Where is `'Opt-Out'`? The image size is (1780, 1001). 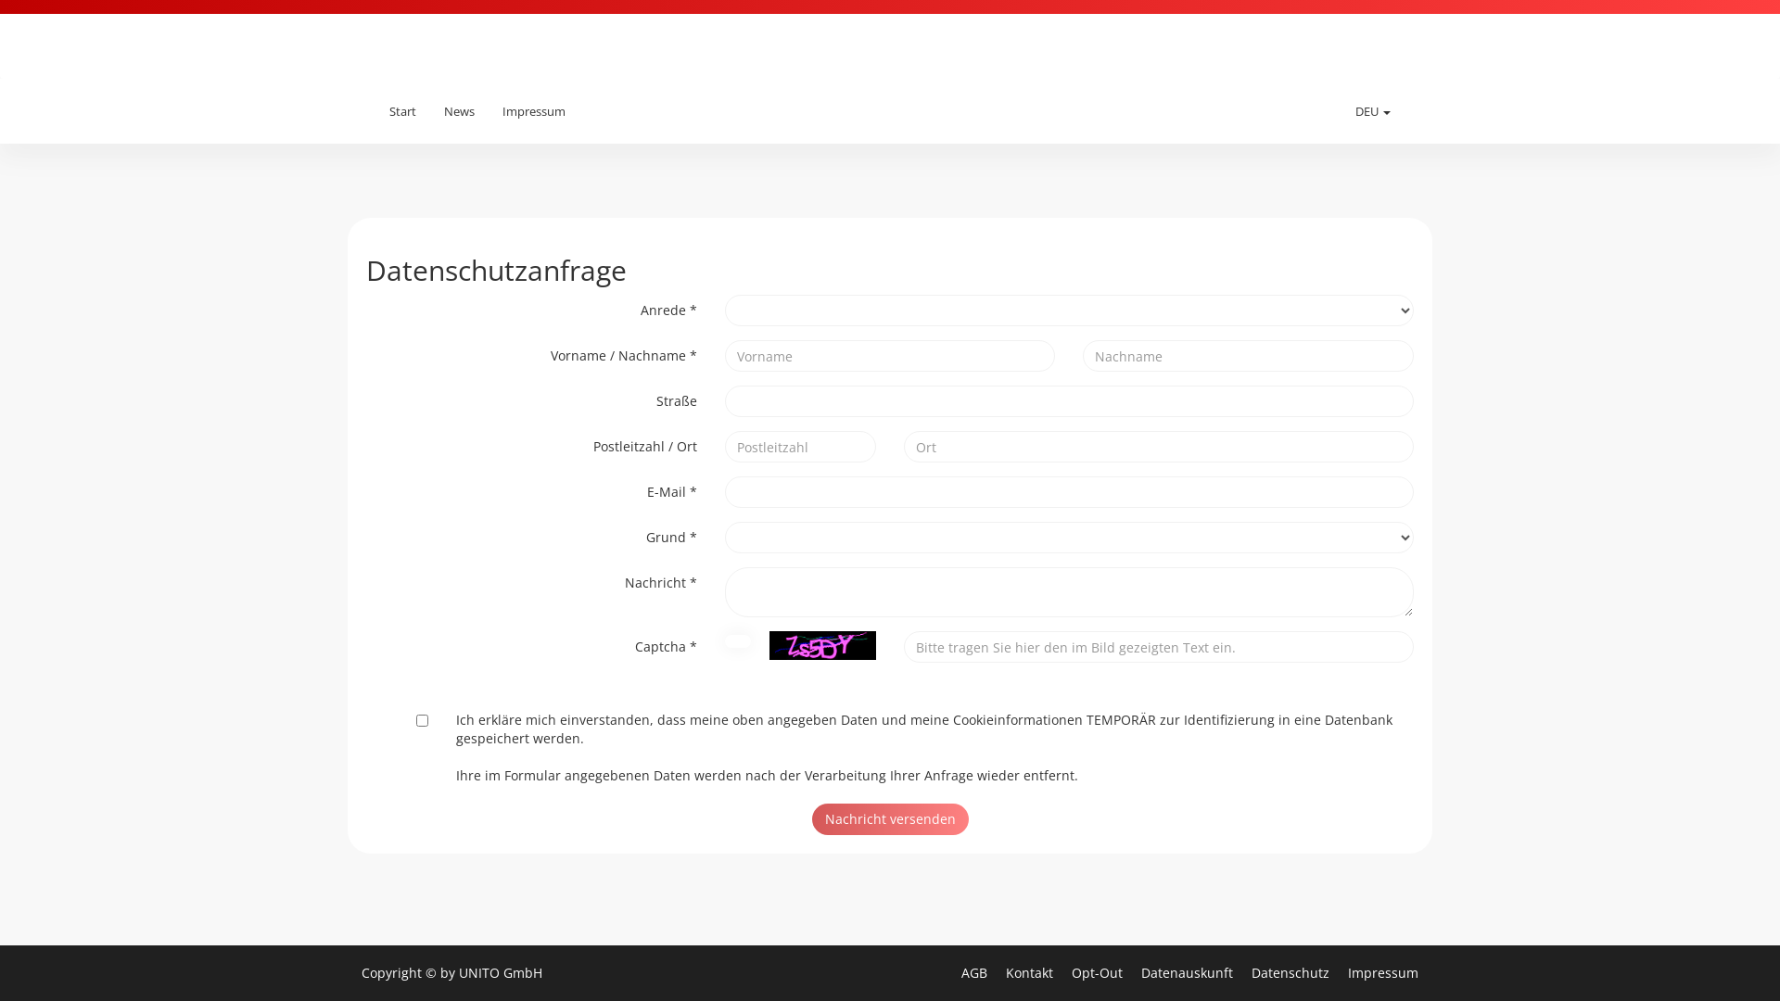
'Opt-Out' is located at coordinates (1099, 971).